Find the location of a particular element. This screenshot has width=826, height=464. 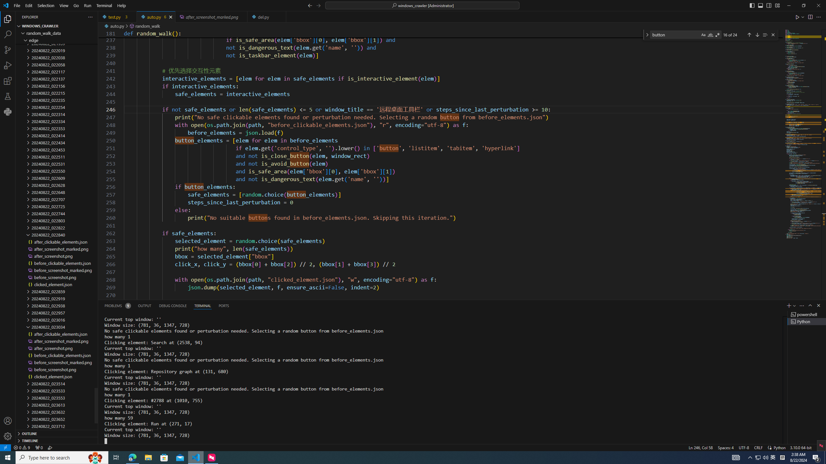

'UTF-8' is located at coordinates (743, 447).